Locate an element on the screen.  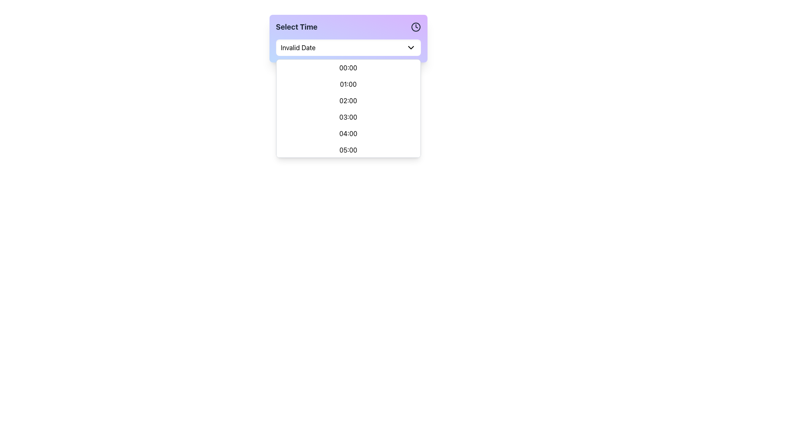
the selectable time option '02:00' in the dropdown menu, which is the third item in the list positioned between '01:00' and '03:00' is located at coordinates (348, 100).